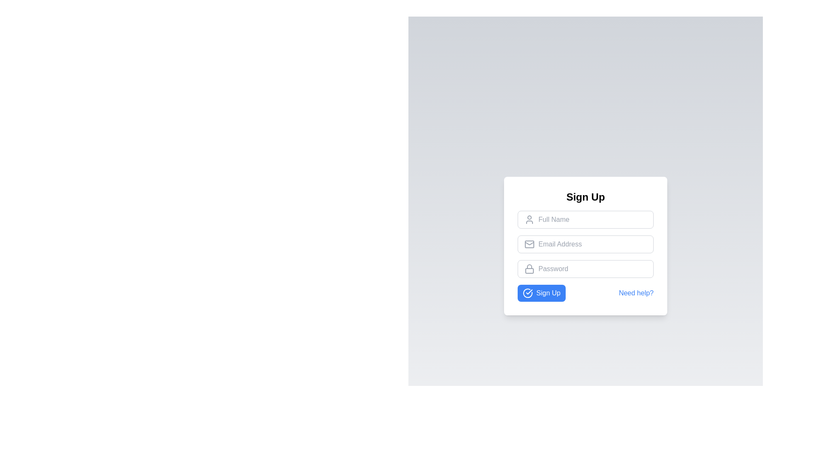 This screenshot has height=459, width=816. I want to click on the 'Need help?' hyperlink located at the bottom-right of the sign-up form, so click(636, 293).